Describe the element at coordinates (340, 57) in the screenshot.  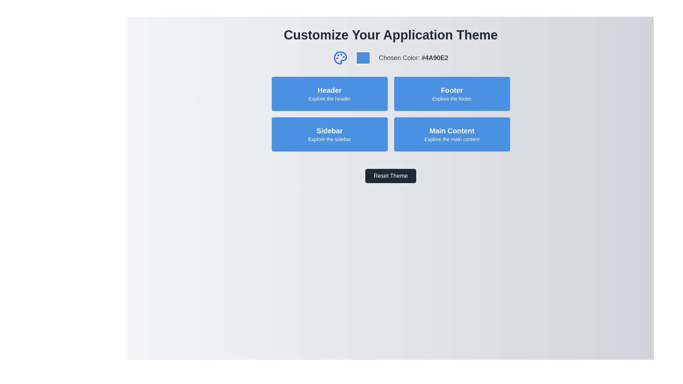
I see `the blue circular icon resembling a painter's palette with four small dots, located to the left of the text 'Chosen Color: #4A90E2'` at that location.